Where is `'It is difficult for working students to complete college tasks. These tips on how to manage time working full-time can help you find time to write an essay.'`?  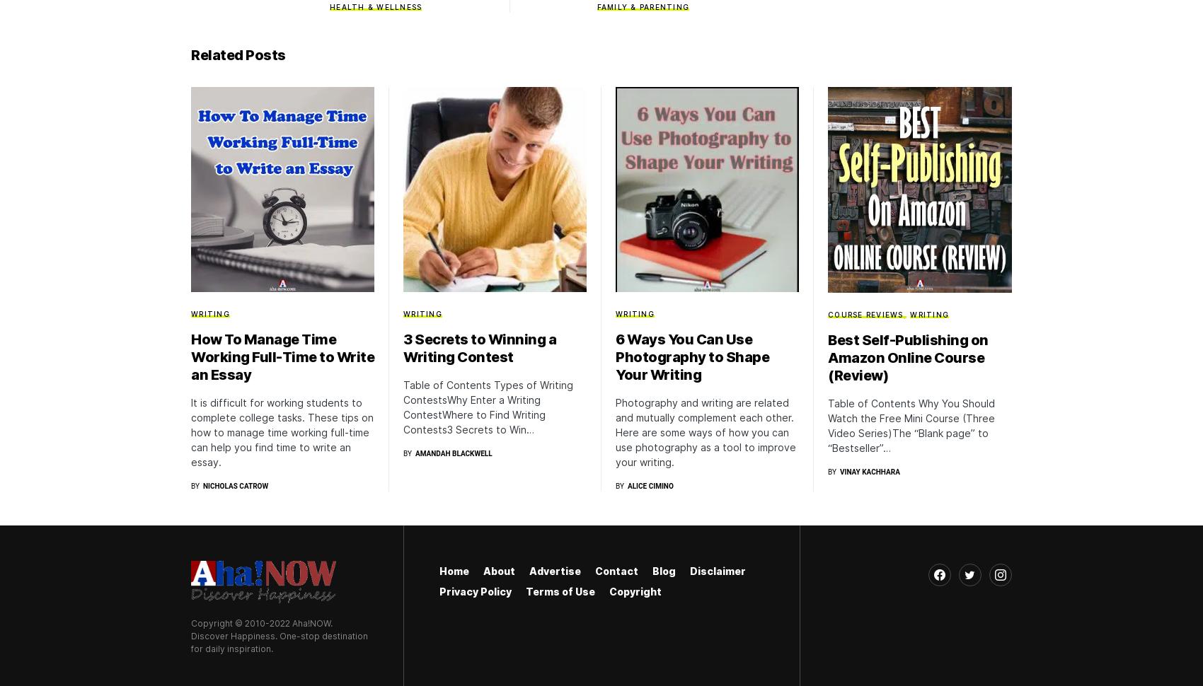 'It is difficult for working students to complete college tasks. These tips on how to manage time working full-time can help you find time to write an essay.' is located at coordinates (190, 431).